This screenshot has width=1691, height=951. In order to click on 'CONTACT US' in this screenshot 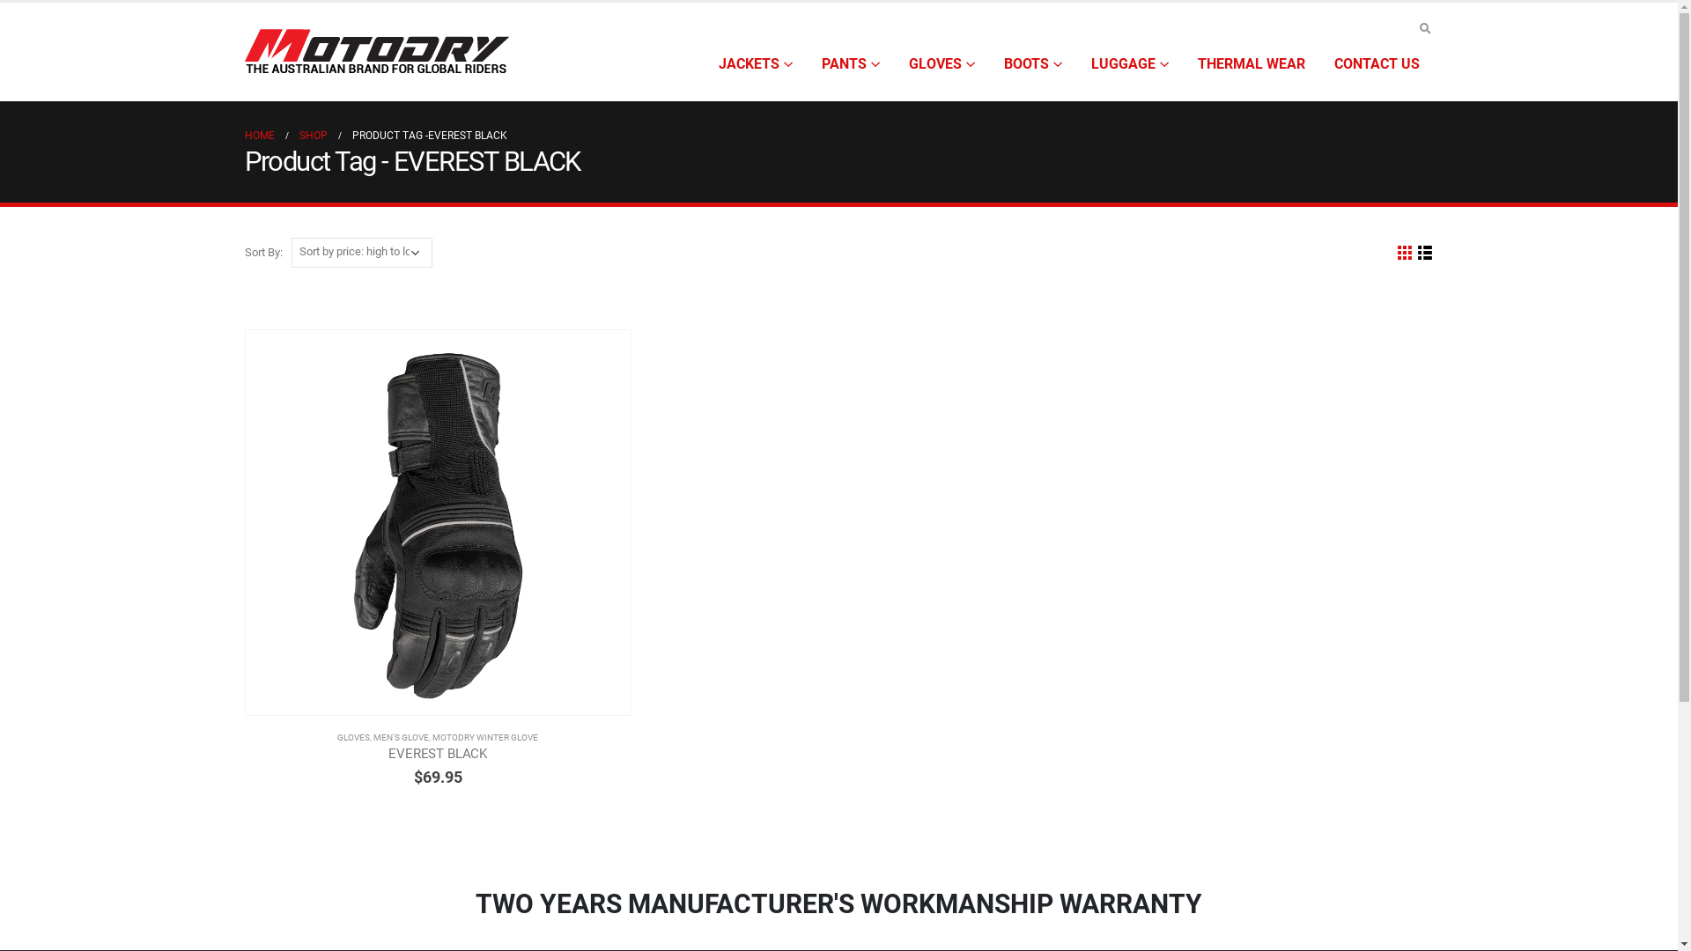, I will do `click(1375, 63)`.